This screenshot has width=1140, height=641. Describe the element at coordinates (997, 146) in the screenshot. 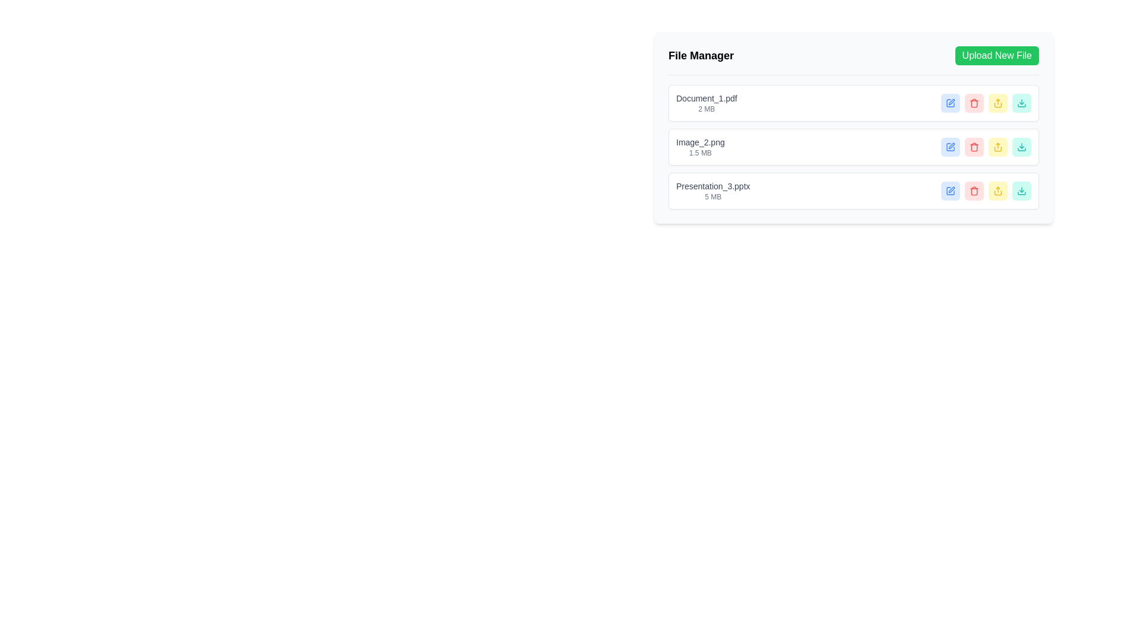

I see `the share/upload Icon button located in the last row of action buttons in the file manager interface` at that location.